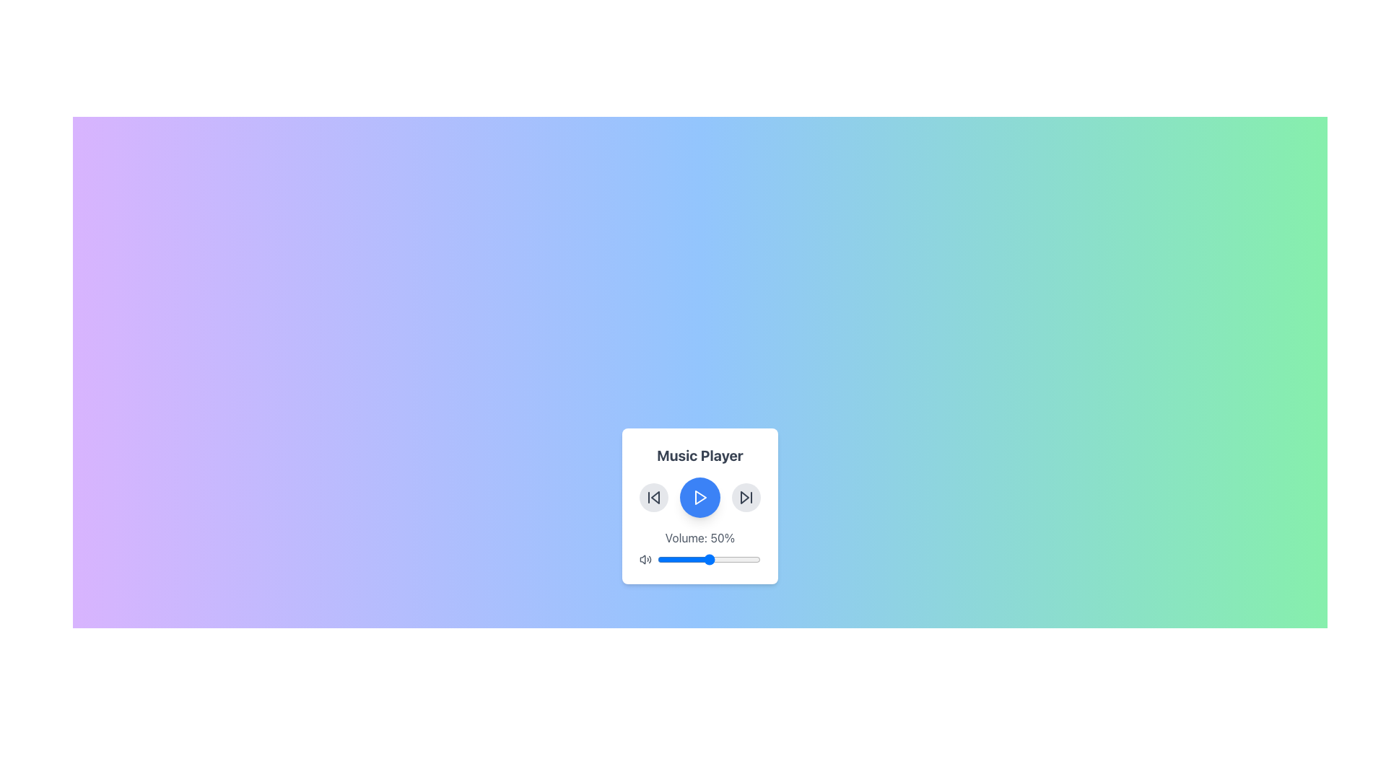 Image resolution: width=1386 pixels, height=779 pixels. What do you see at coordinates (756, 558) in the screenshot?
I see `volume level` at bounding box center [756, 558].